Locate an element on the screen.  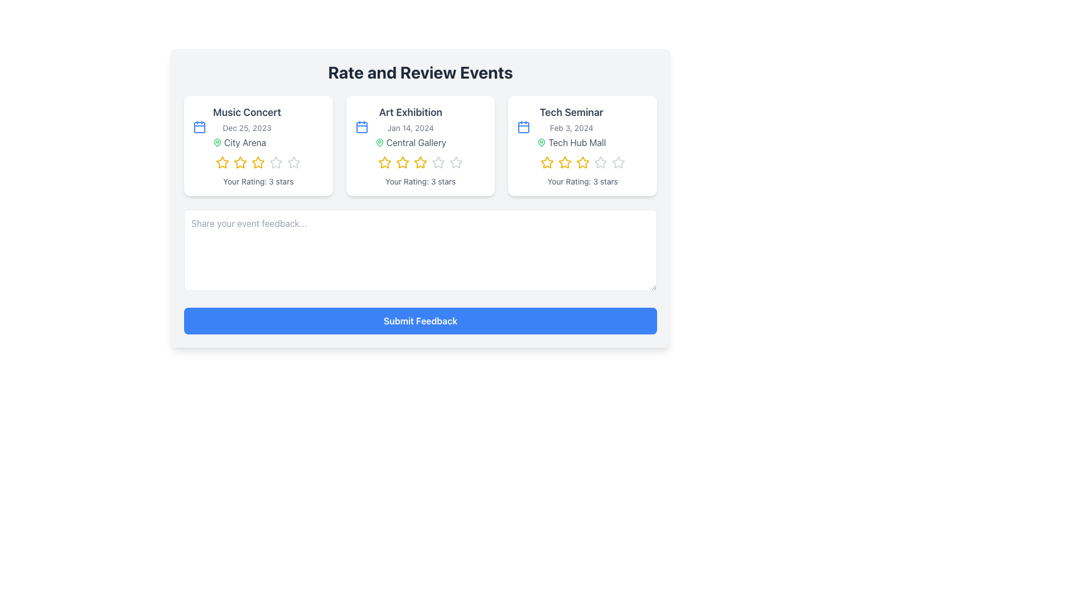
the first star icon in the rating section of the 'Tech Seminar' event card to scale it is located at coordinates (547, 163).